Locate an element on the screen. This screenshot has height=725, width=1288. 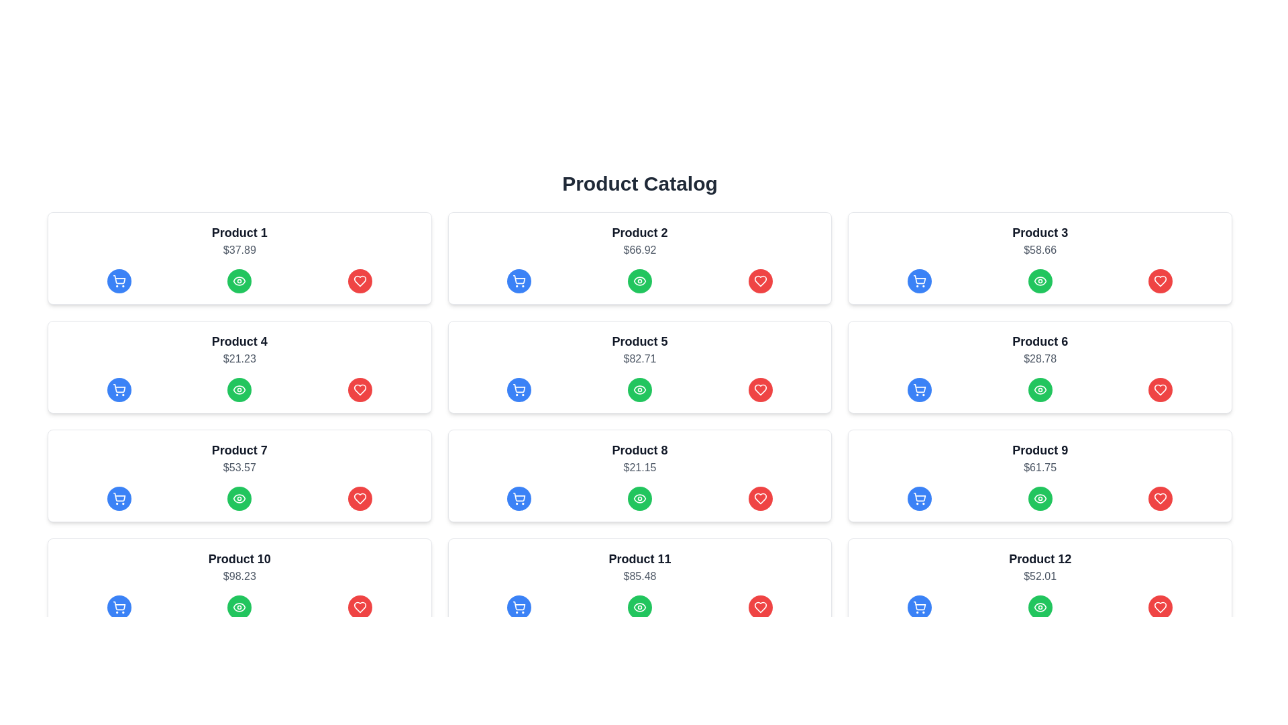
the green eye-shaped icon graphic located under the 'Product 12' card in the product catalog is located at coordinates (1039, 608).